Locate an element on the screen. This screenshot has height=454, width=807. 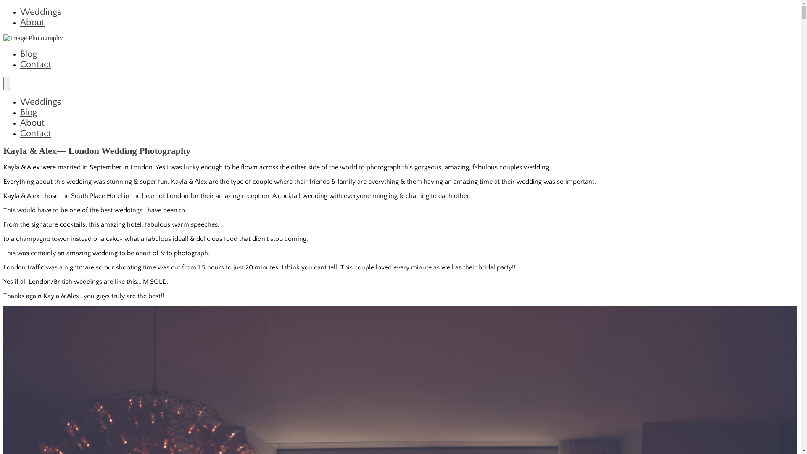
'Skip to content' is located at coordinates (3, 6).